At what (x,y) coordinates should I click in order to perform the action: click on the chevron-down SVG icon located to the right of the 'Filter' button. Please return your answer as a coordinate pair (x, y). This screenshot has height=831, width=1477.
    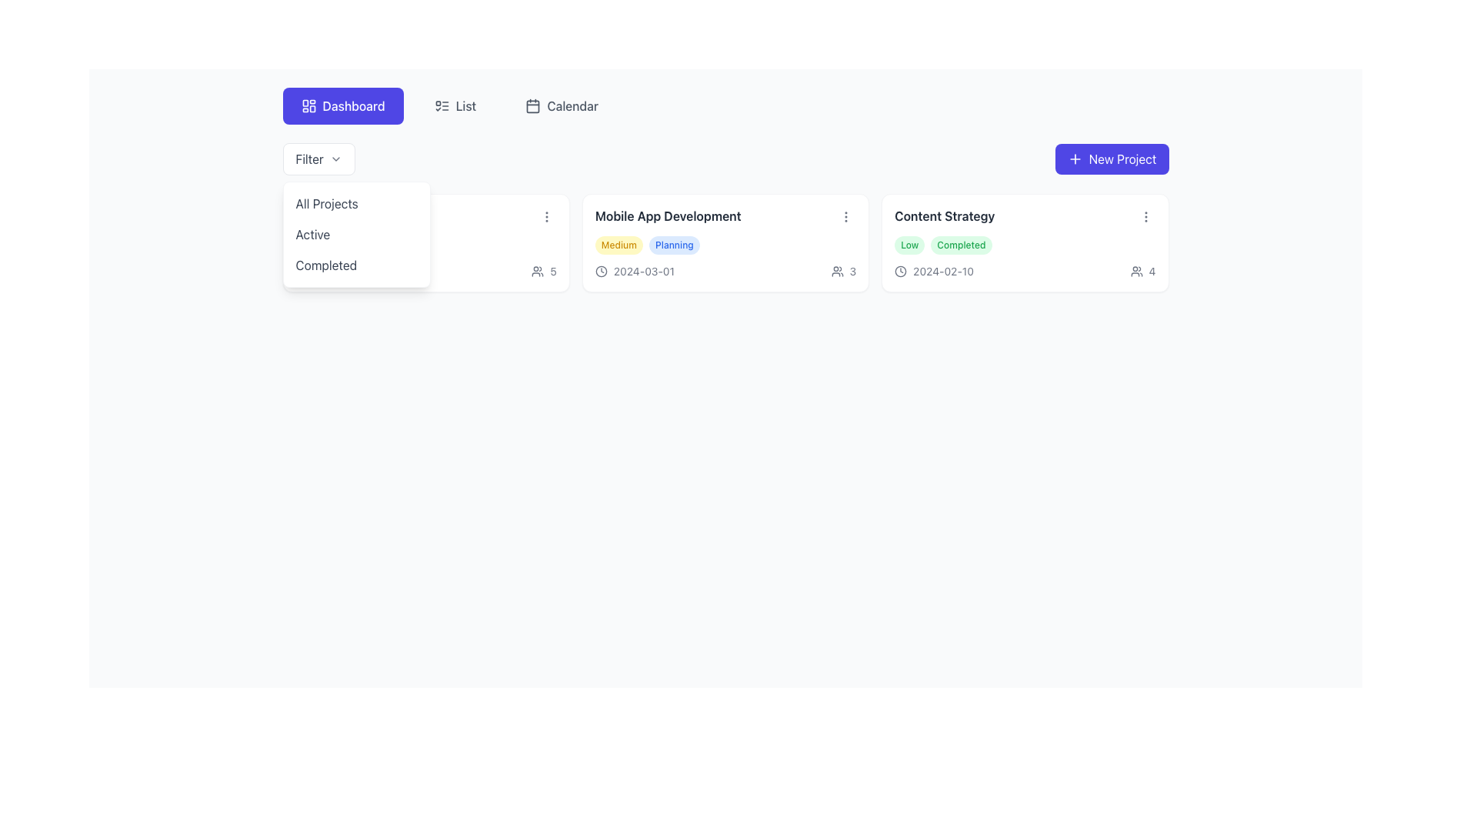
    Looking at the image, I should click on (335, 159).